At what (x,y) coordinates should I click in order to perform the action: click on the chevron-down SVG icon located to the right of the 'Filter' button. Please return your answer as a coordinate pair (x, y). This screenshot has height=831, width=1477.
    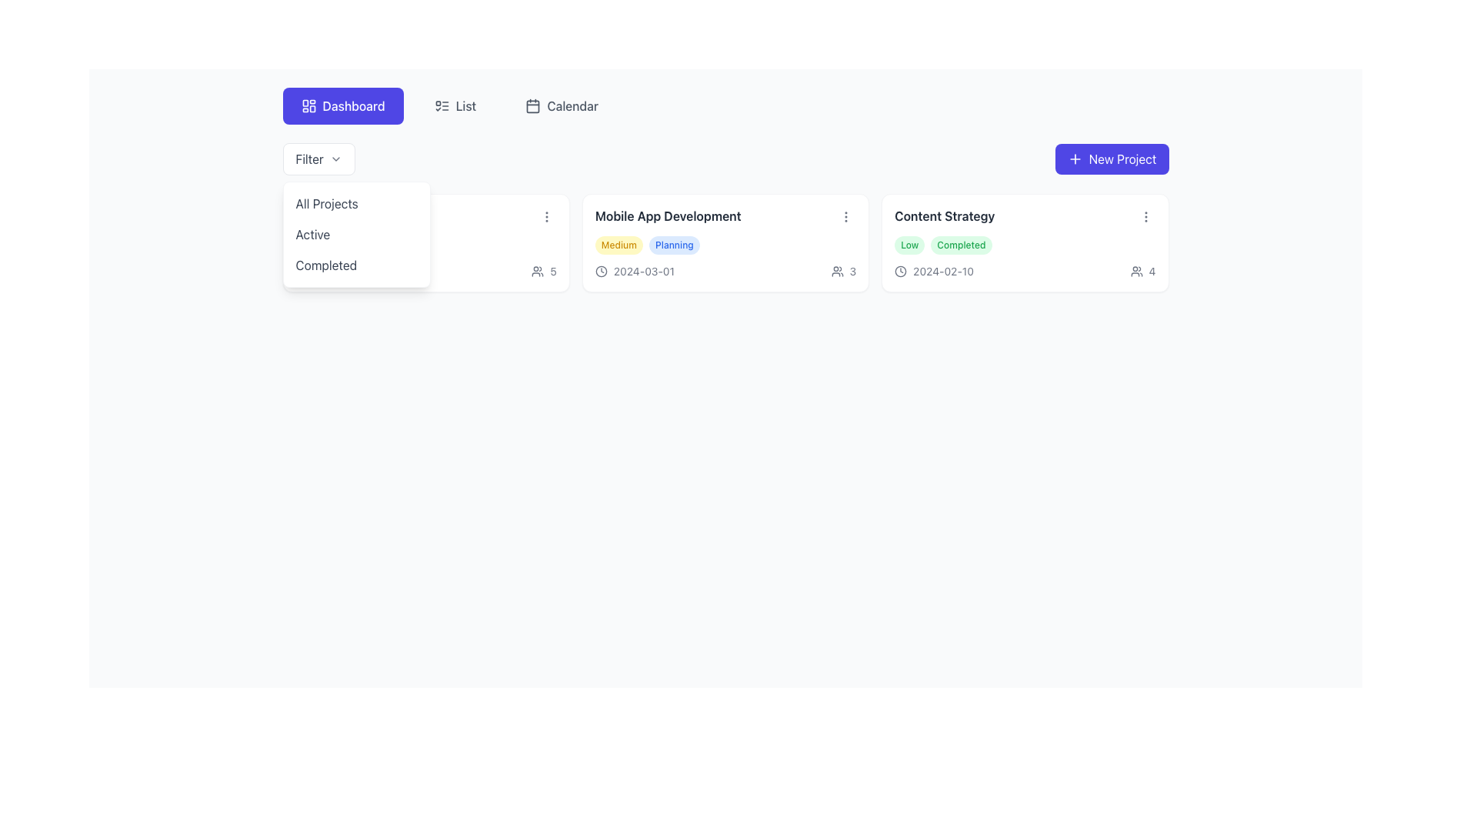
    Looking at the image, I should click on (335, 159).